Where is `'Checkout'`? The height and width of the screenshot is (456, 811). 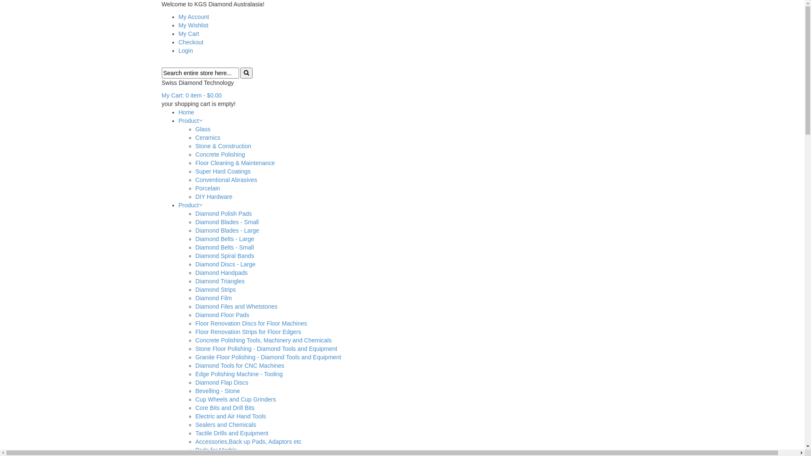
'Checkout' is located at coordinates (190, 42).